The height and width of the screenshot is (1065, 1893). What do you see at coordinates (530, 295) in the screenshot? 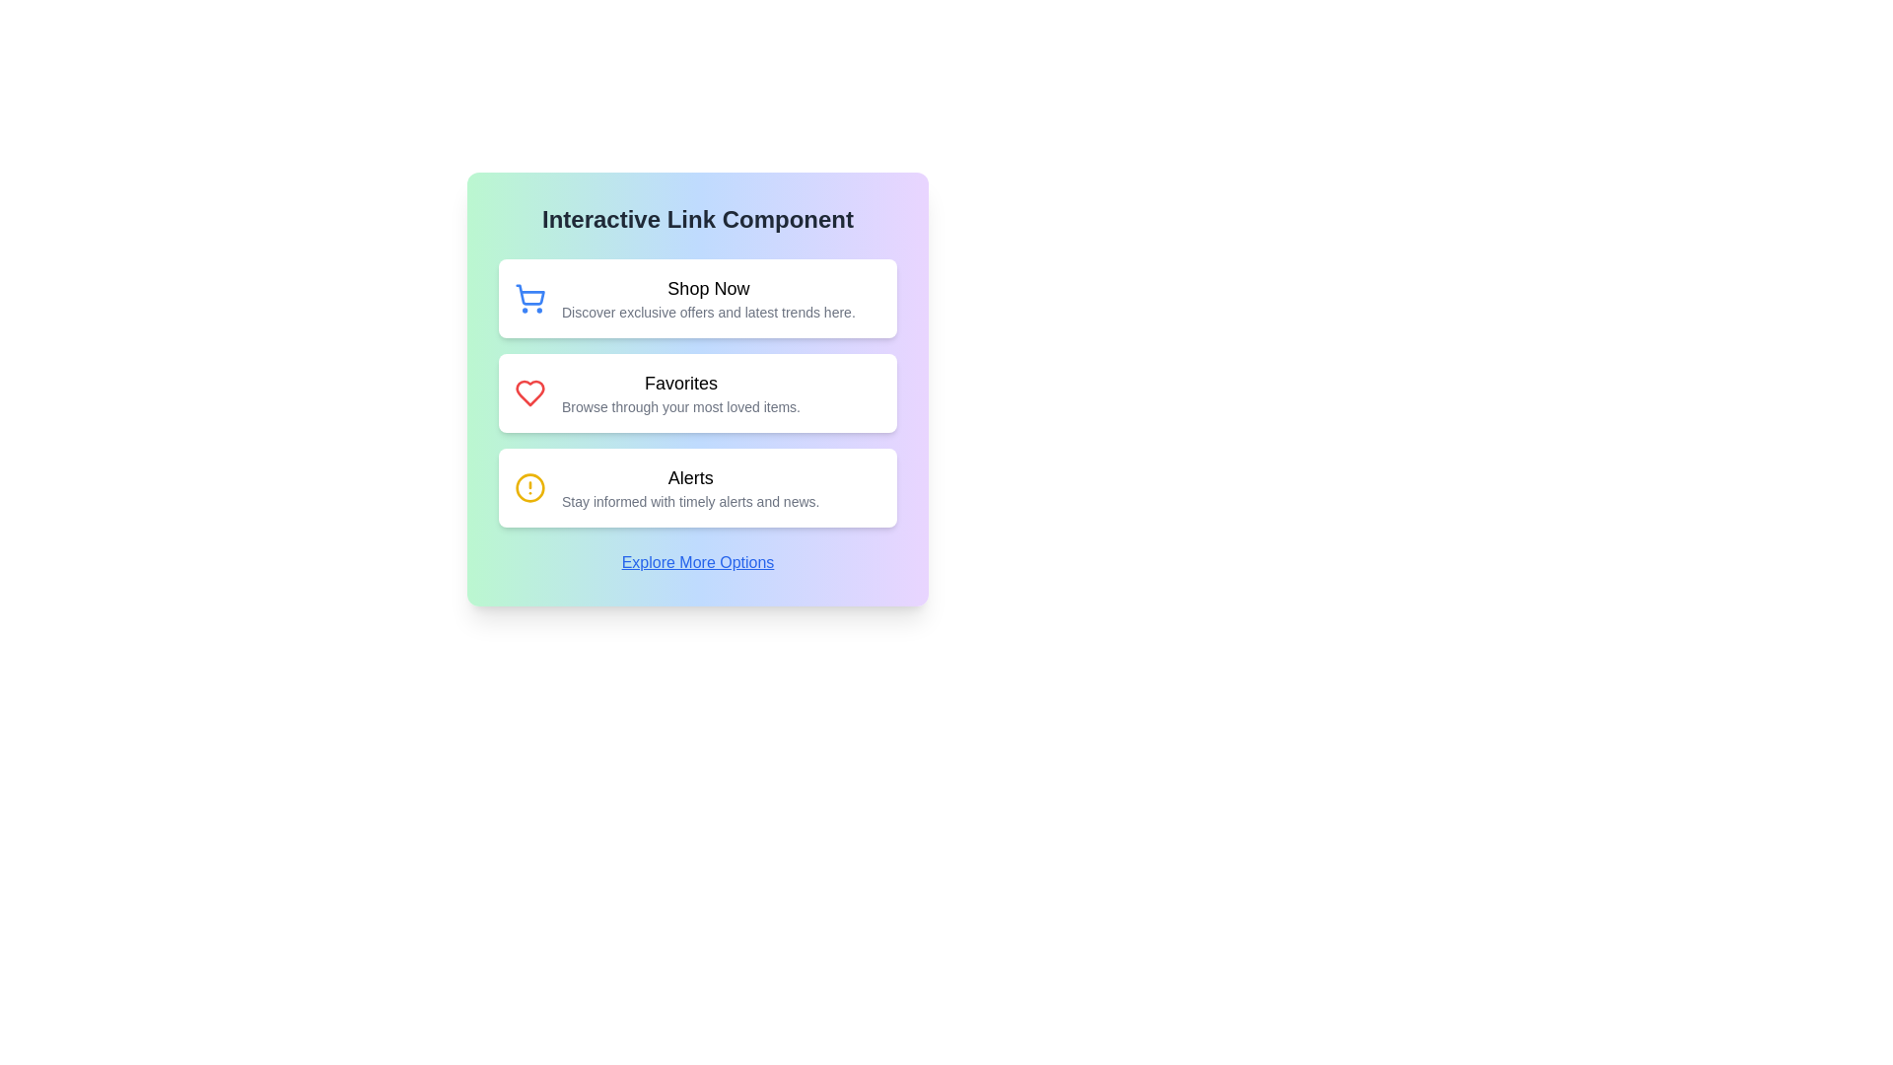
I see `the shopping cart icon located in the center of the 'Shop Now' button at the top of a vertical stack of buttons` at bounding box center [530, 295].